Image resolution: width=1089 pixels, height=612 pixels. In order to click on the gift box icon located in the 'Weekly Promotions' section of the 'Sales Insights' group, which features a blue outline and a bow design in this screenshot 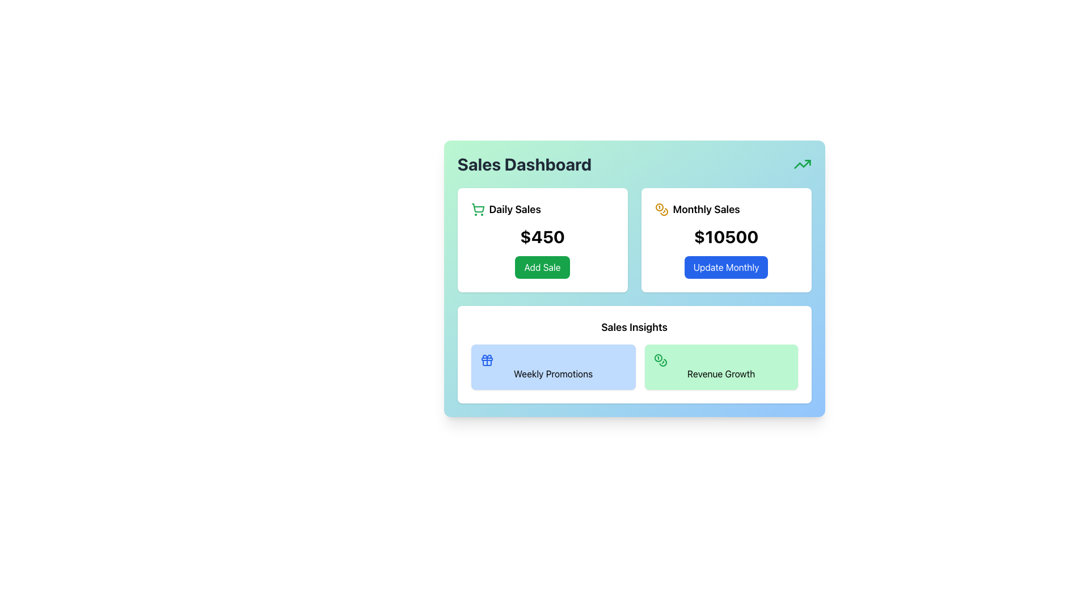, I will do `click(487, 360)`.